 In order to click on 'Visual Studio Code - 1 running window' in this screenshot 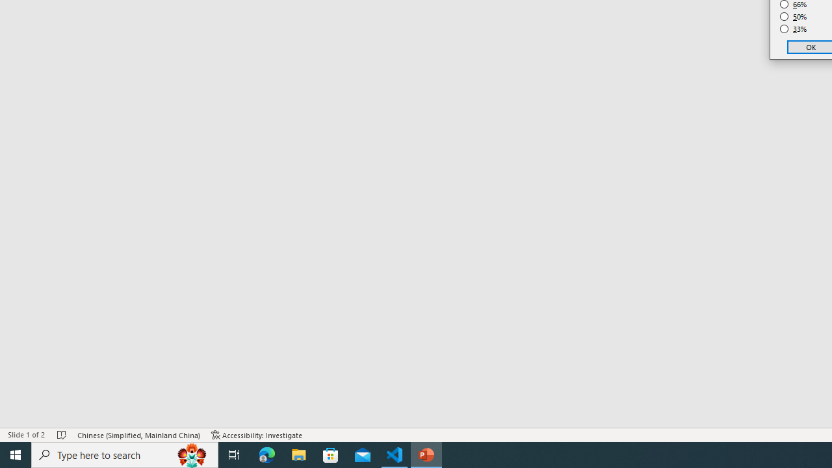, I will do `click(394, 454)`.